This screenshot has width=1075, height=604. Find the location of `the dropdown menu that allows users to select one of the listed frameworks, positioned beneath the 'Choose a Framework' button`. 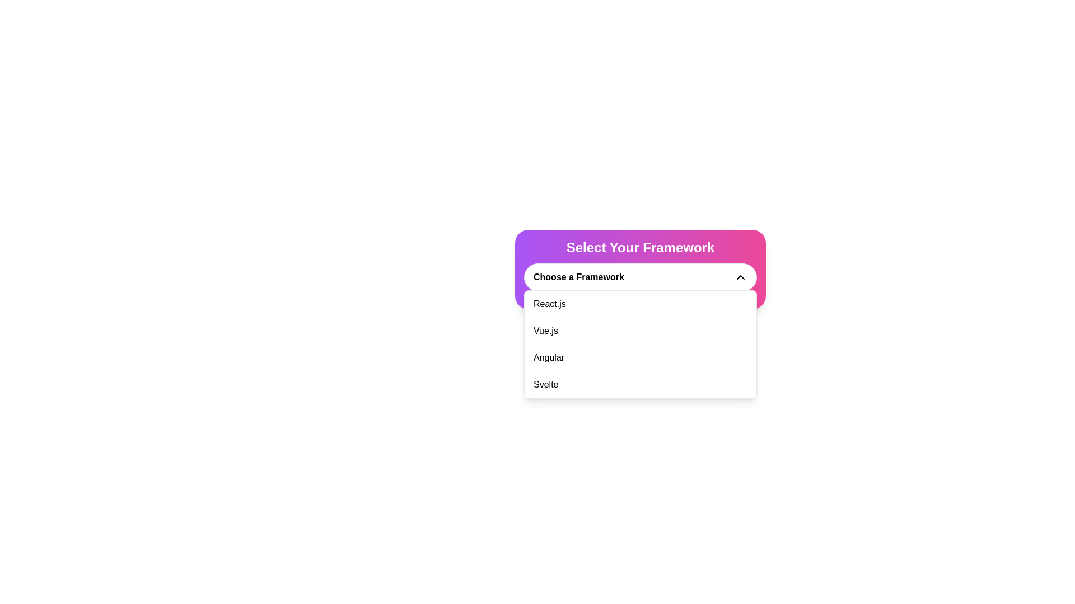

the dropdown menu that allows users to select one of the listed frameworks, positioned beneath the 'Choose a Framework' button is located at coordinates (640, 344).